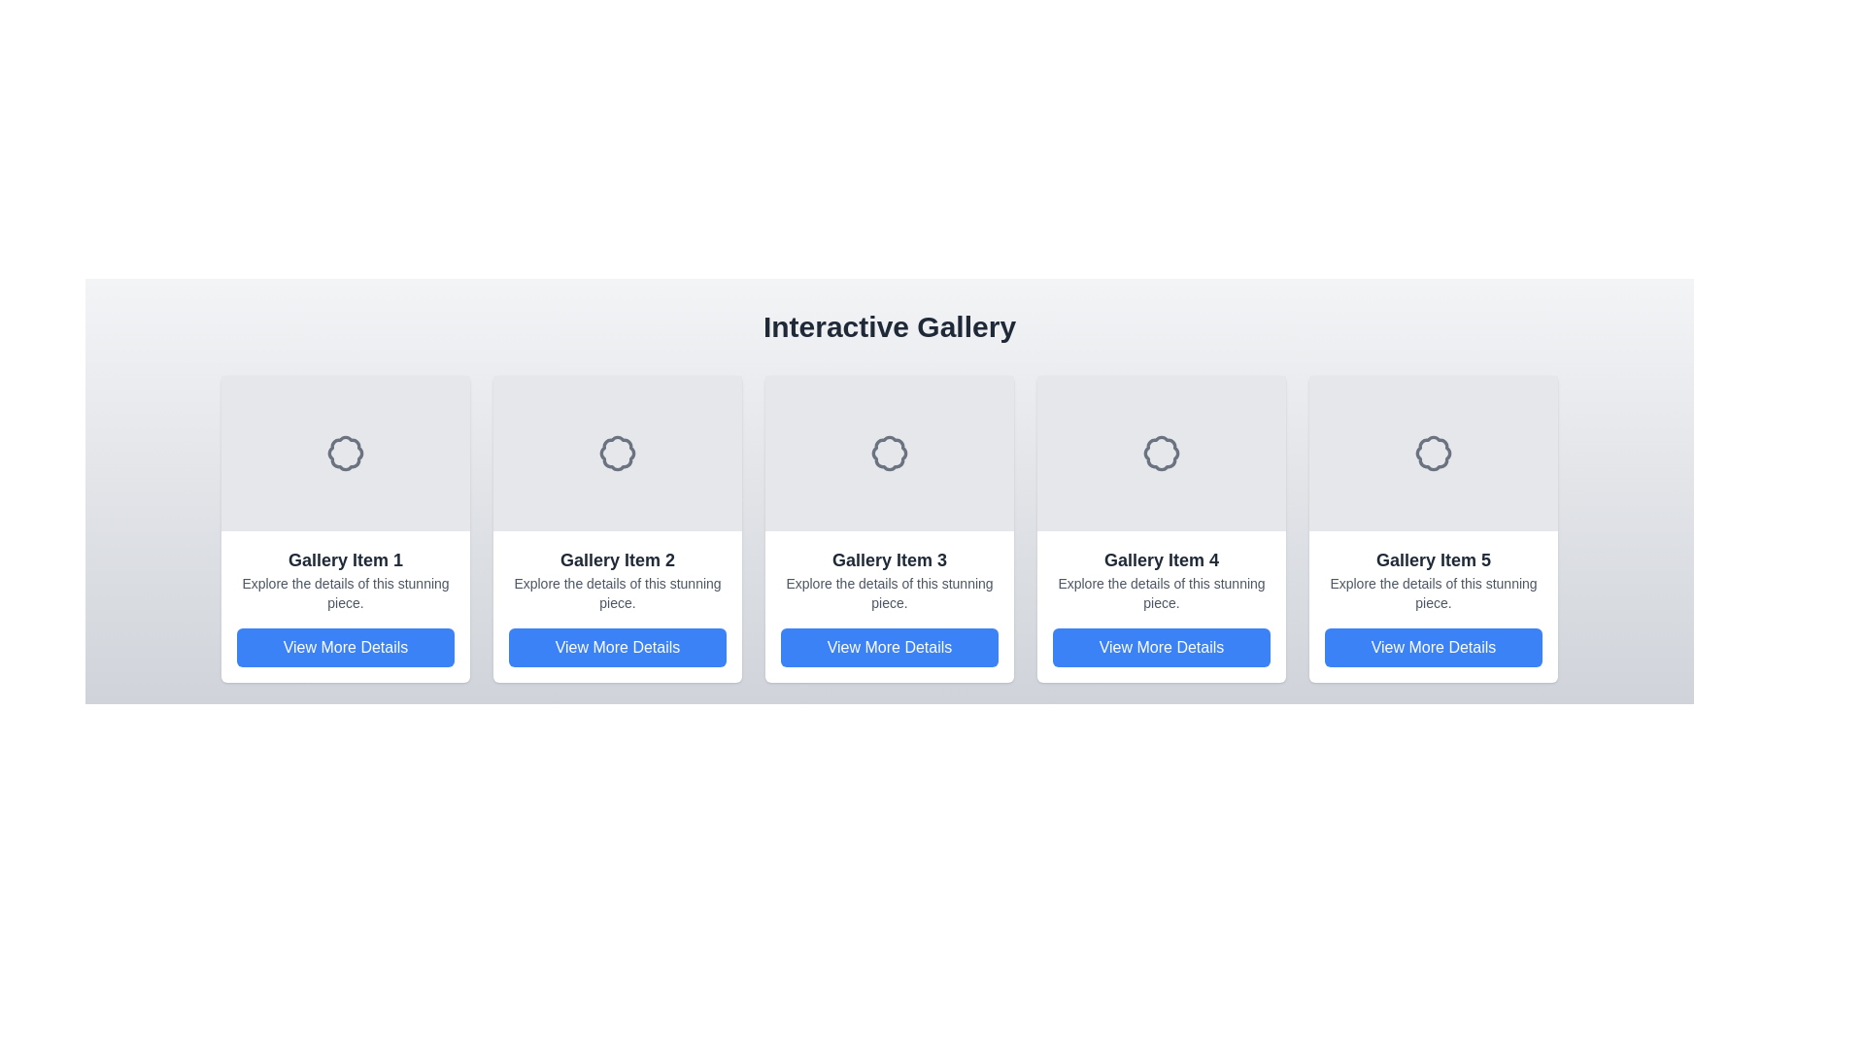  Describe the element at coordinates (345, 648) in the screenshot. I see `the button located at the lower section of the card titled 'Gallery Item 1' to observe the hover effect` at that location.